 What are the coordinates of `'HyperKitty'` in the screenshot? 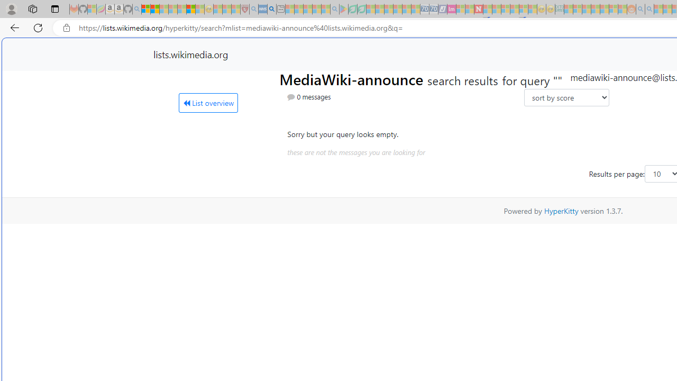 It's located at (561, 211).